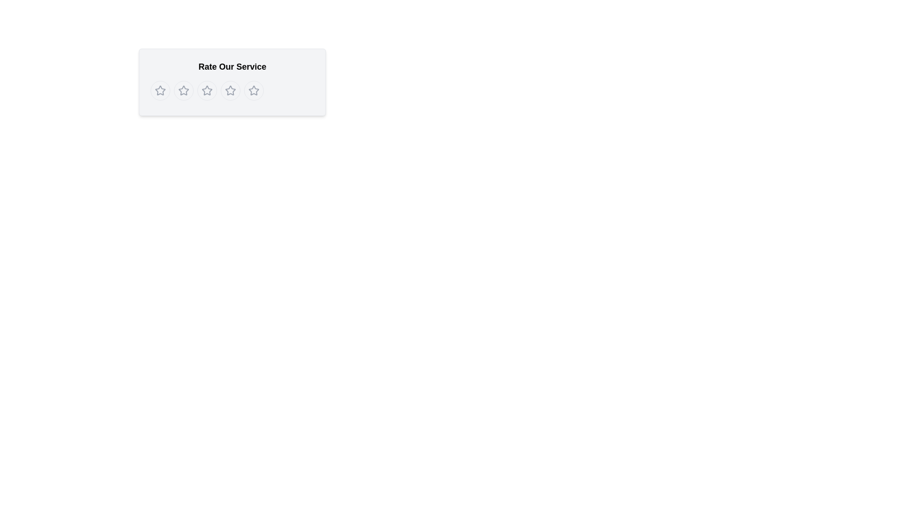 The image size is (898, 505). Describe the element at coordinates (231, 90) in the screenshot. I see `the fourth rating star icon in the row of five icons, which is centered within the white card interface displaying 'Rate Our Service'` at that location.